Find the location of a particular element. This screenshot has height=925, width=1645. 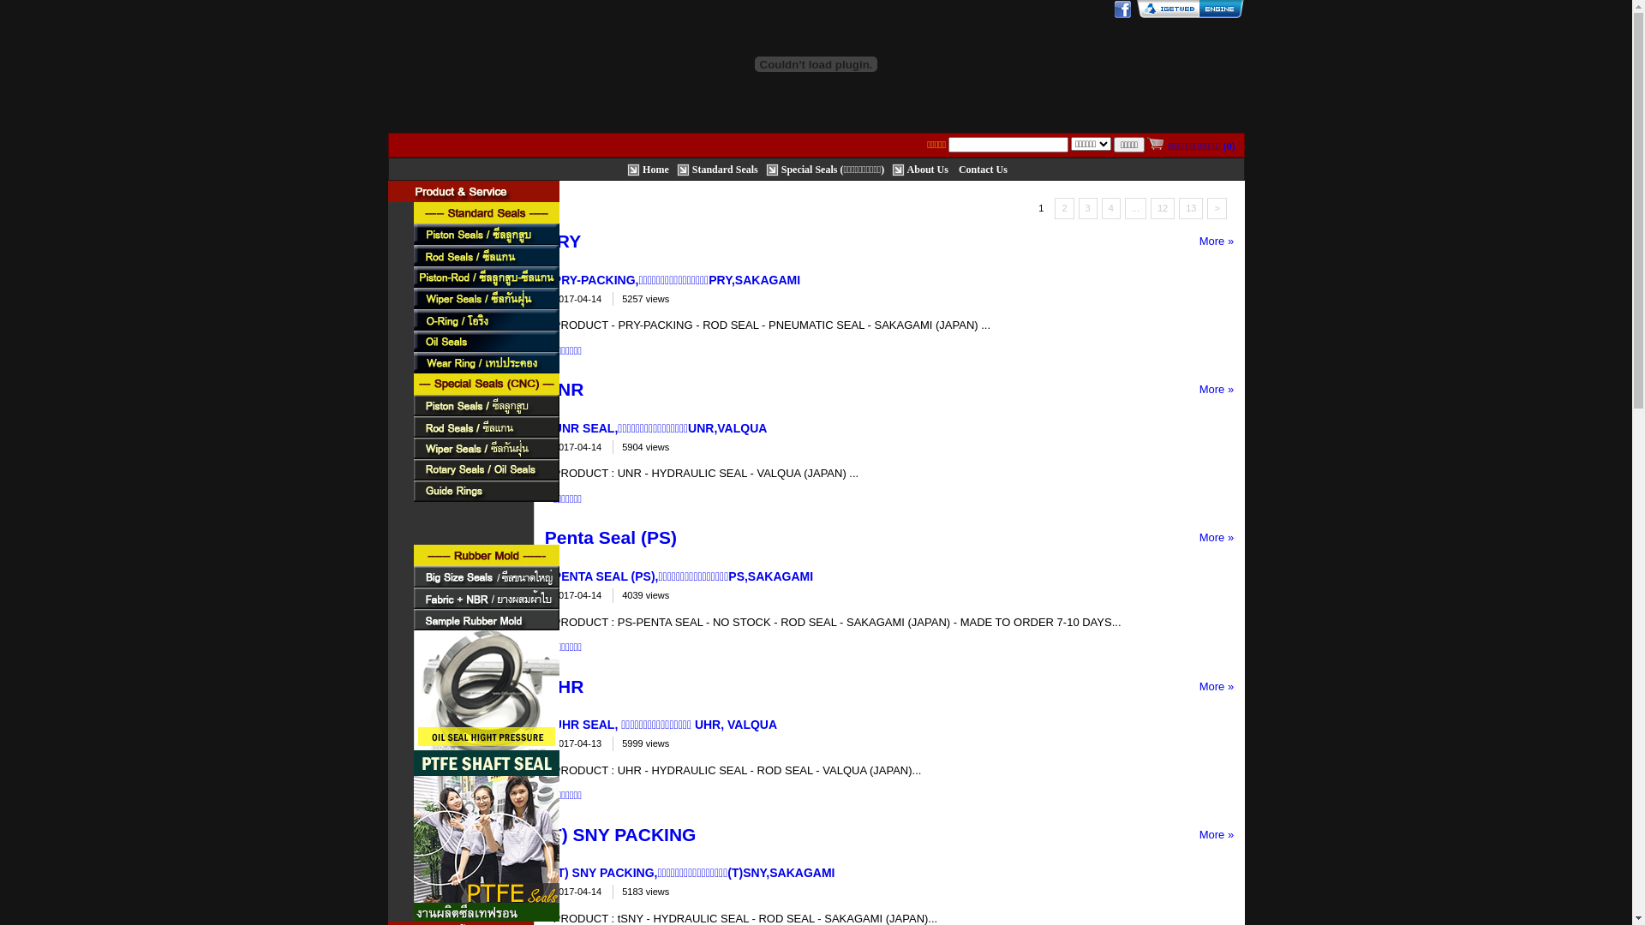

'ptfe oil seal' is located at coordinates (412, 703).